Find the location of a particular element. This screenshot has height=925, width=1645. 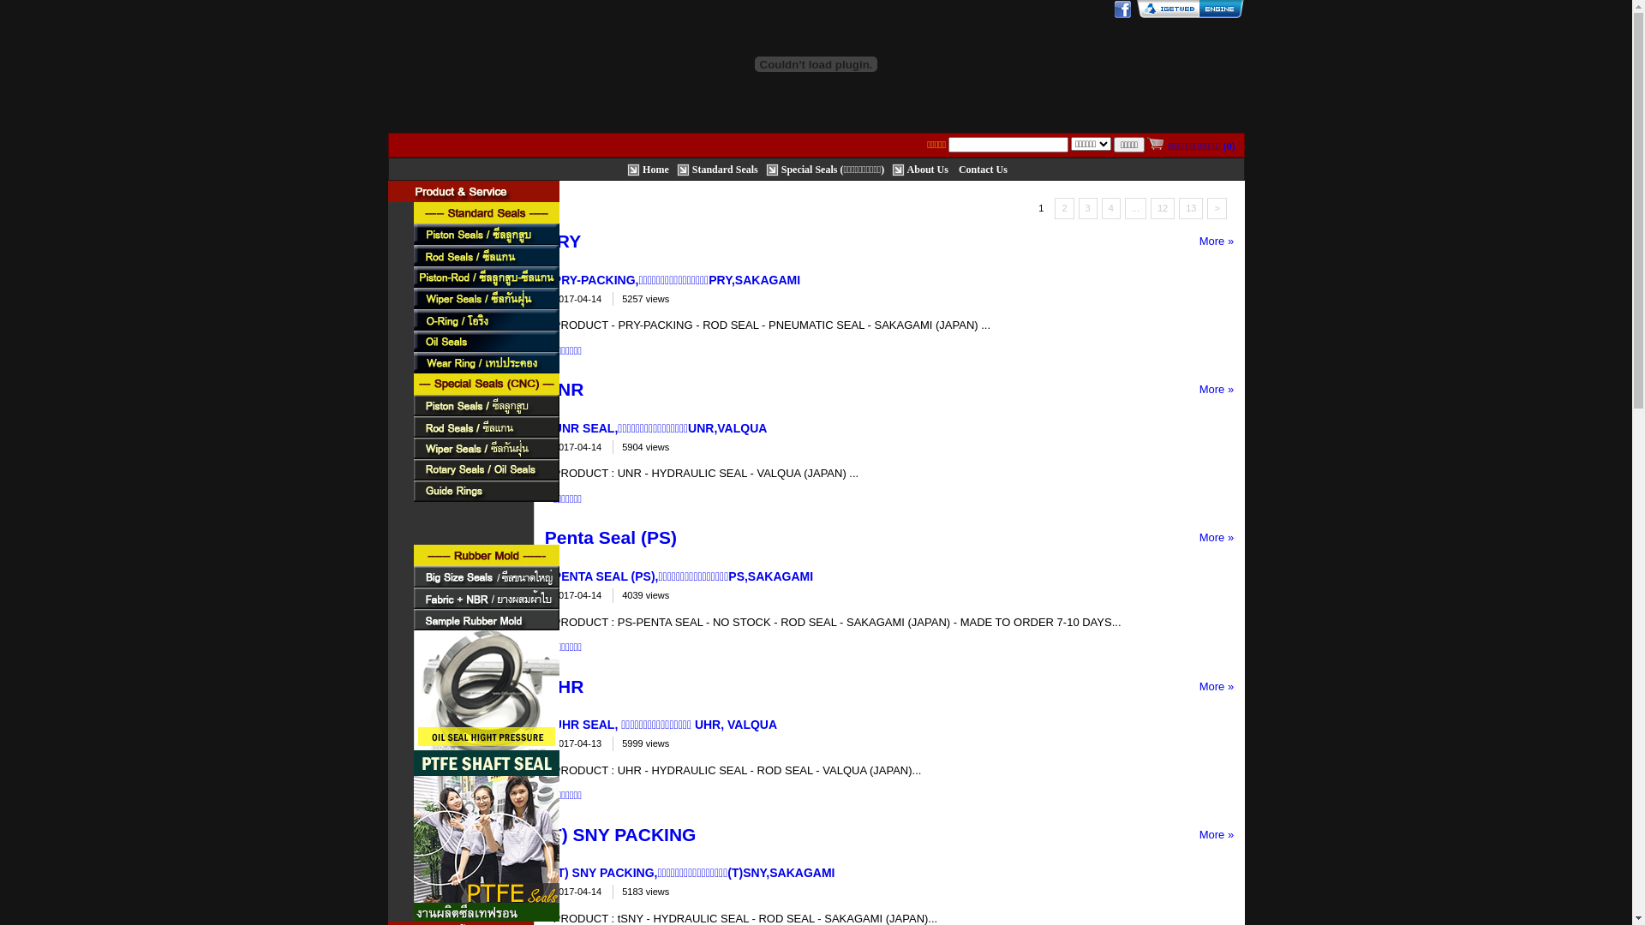

'ptfe oil seal' is located at coordinates (412, 703).